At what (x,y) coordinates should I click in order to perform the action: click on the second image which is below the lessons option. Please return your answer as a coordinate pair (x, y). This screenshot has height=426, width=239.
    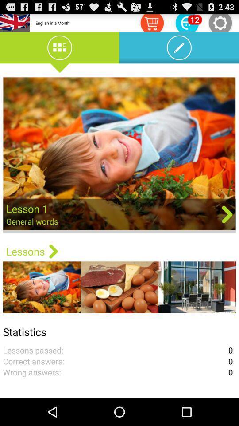
    Looking at the image, I should click on (119, 287).